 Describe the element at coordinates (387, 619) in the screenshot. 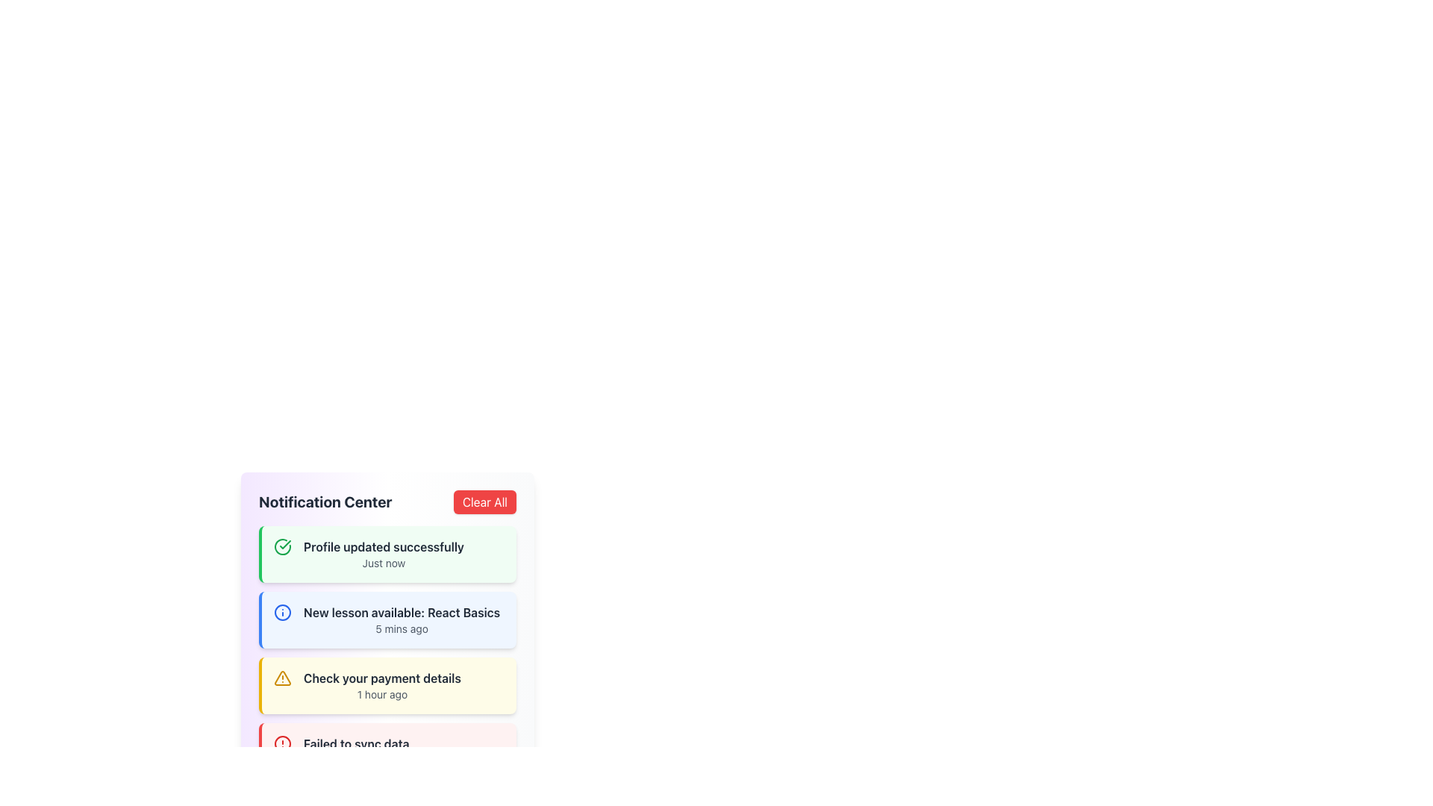

I see `the Notification card that alerts the user about the new lesson titled 'React Basics', which is the second card in the notification stack` at that location.